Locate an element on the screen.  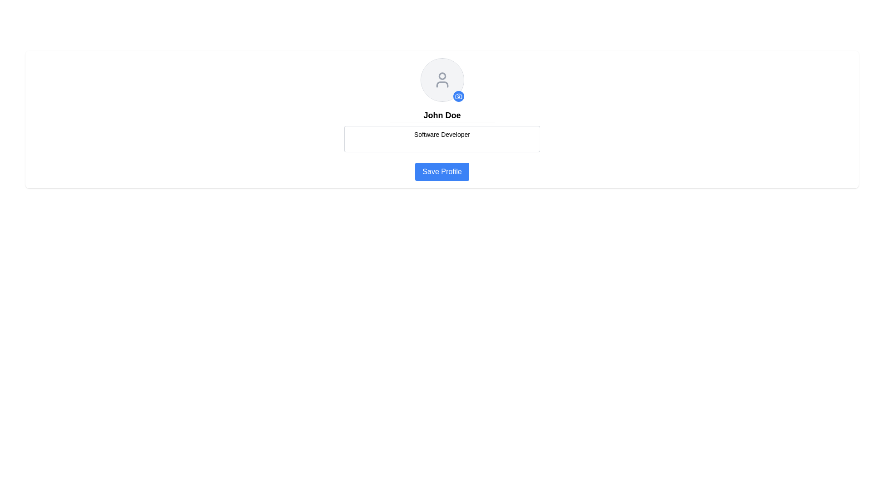
the text label displaying 'Software Developer', which is located beneath the input for 'John Doe' and above the 'Save Profile' button is located at coordinates (442, 132).